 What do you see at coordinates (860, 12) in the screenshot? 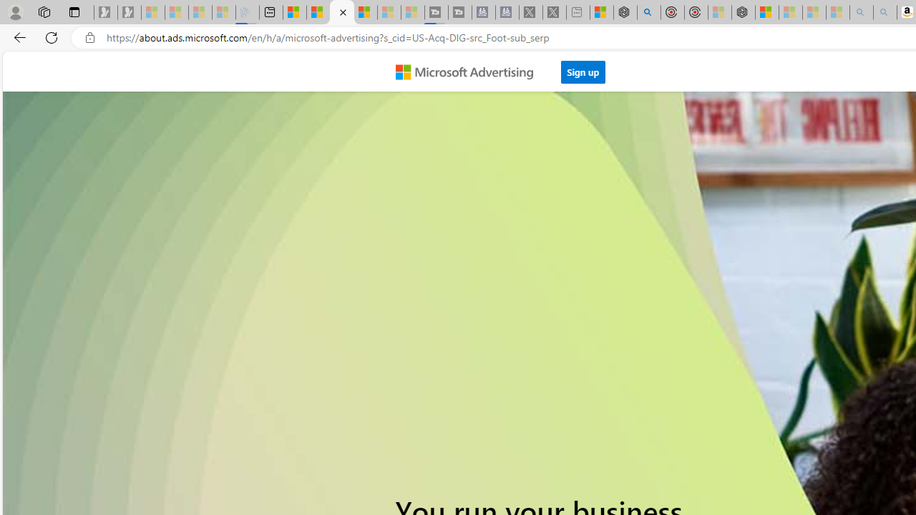
I see `'amazon - Search - Sleeping'` at bounding box center [860, 12].